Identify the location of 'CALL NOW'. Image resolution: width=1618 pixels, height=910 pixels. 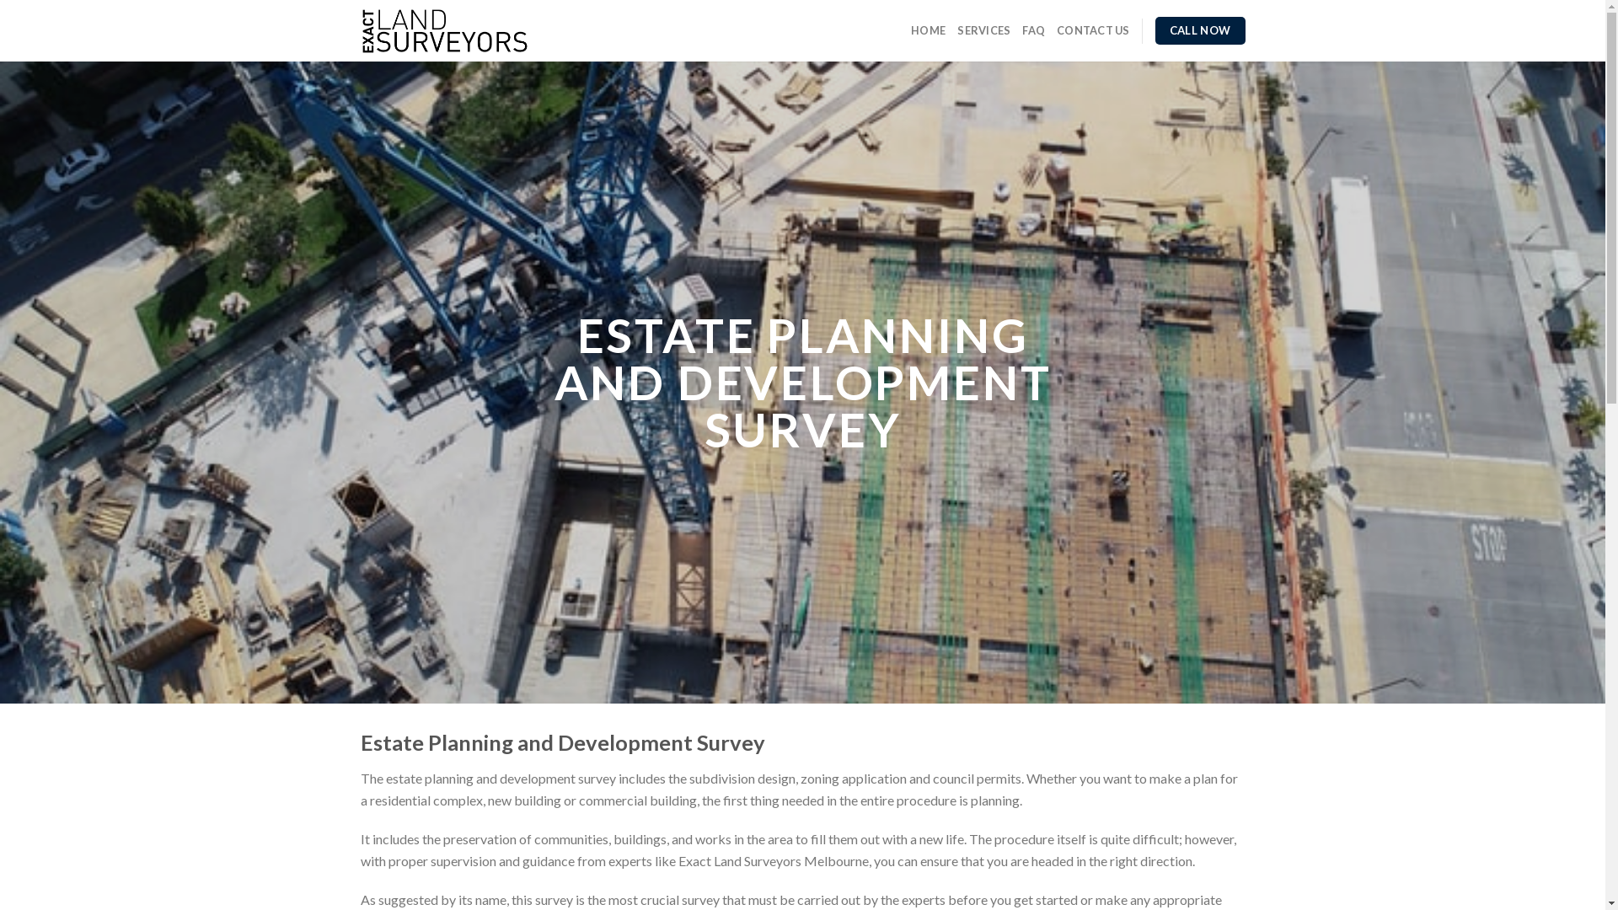
(1155, 31).